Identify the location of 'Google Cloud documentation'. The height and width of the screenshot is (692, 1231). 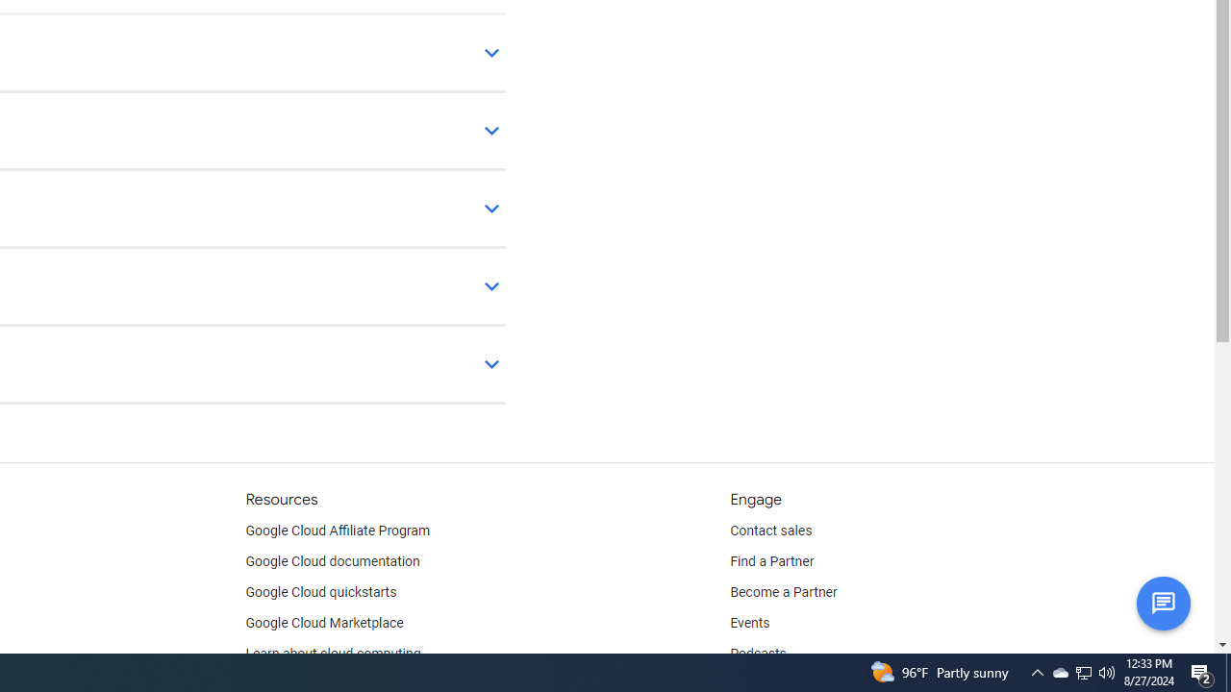
(332, 562).